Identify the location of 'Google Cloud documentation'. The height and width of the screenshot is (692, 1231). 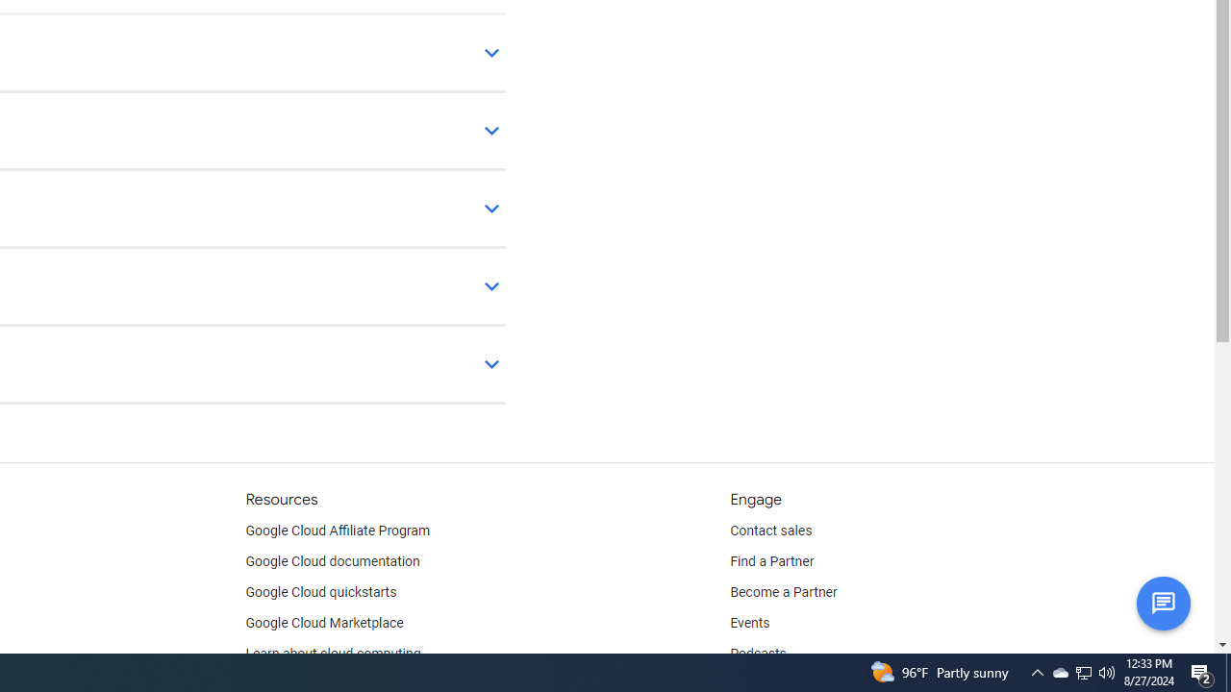
(332, 562).